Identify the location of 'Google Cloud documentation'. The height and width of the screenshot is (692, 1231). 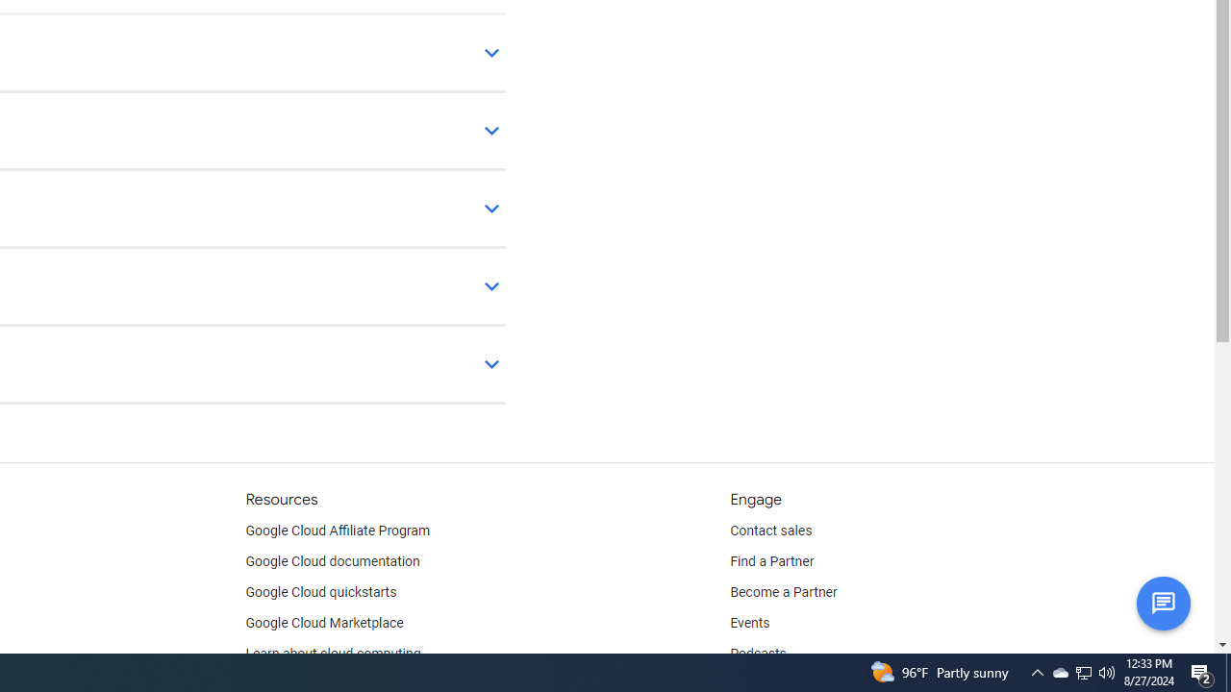
(332, 562).